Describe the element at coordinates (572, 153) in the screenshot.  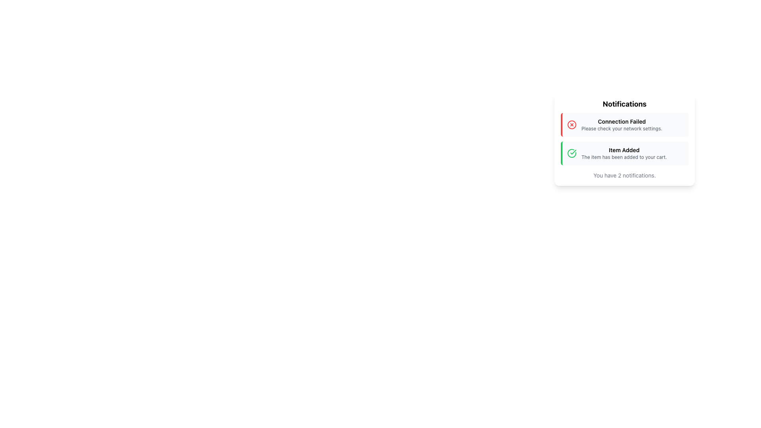
I see `the upper curved segment of the graphic within the green outlined circular icon that contains a check mark, located to the left of the 'Item Added' notification` at that location.